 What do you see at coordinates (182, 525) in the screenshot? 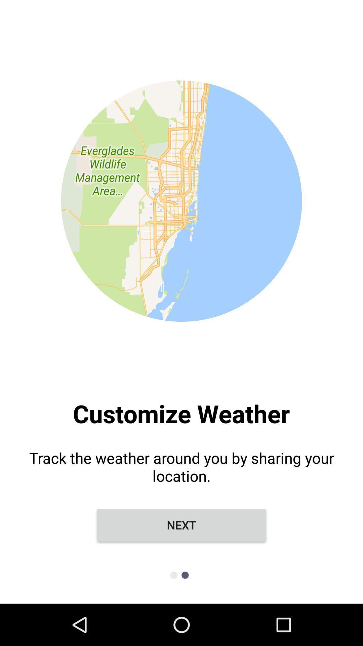
I see `next` at bounding box center [182, 525].